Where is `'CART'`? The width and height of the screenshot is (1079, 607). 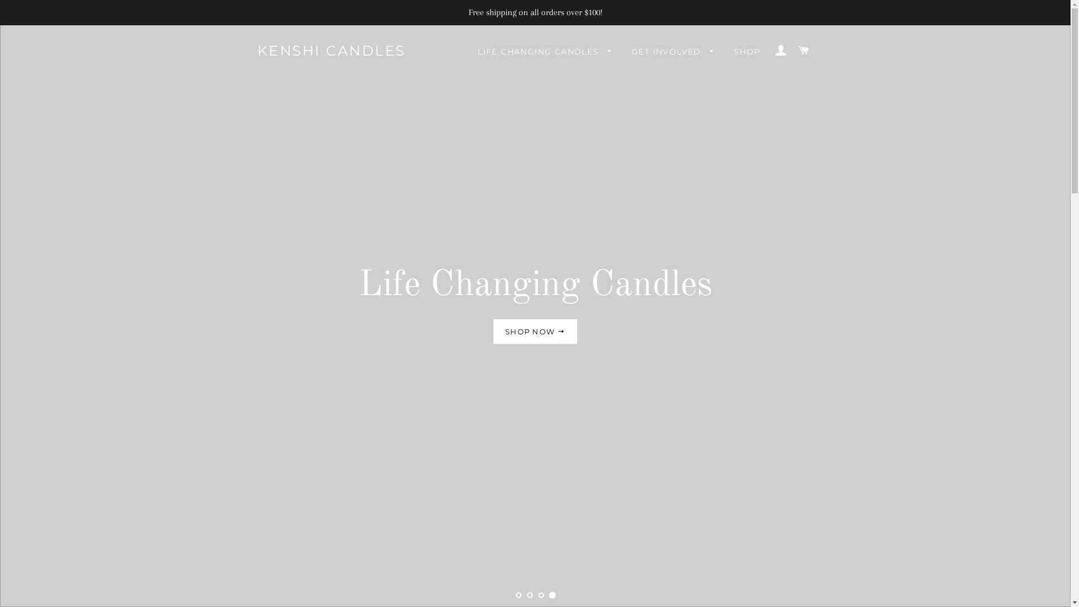 'CART' is located at coordinates (803, 49).